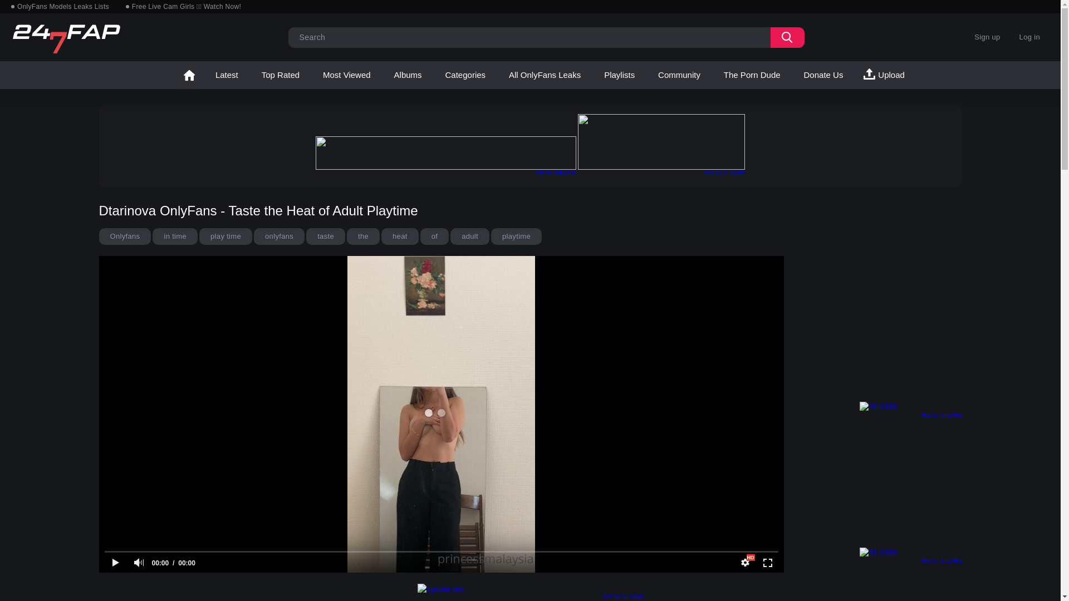 This screenshot has height=601, width=1069. What do you see at coordinates (325, 235) in the screenshot?
I see `'taste'` at bounding box center [325, 235].